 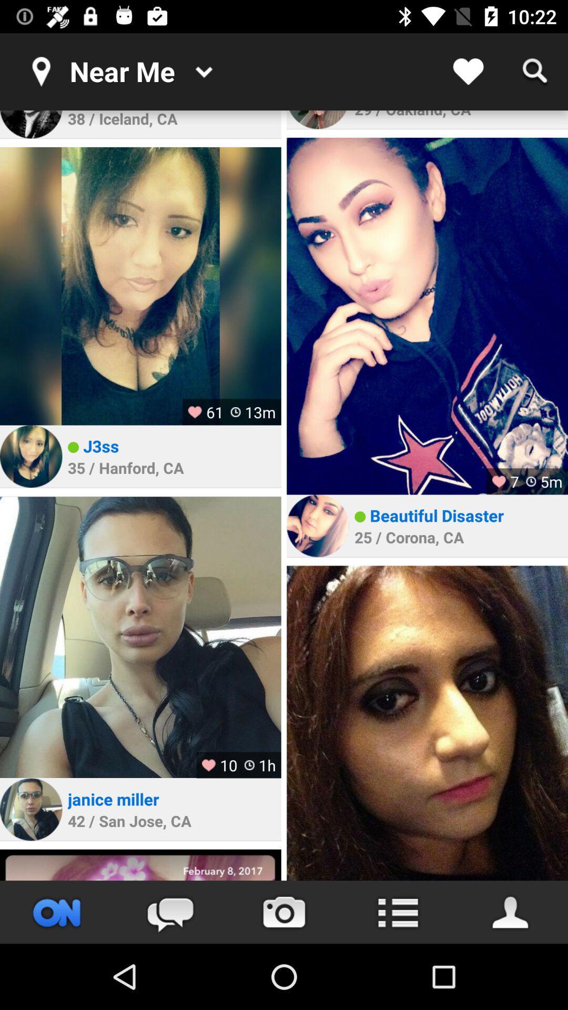 I want to click on messaging icon, so click(x=170, y=912).